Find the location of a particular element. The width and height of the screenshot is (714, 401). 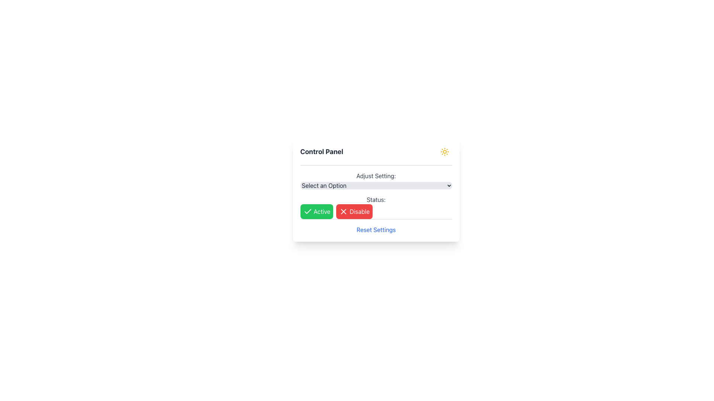

the status toggle button located to the right of the 'Active' button in the 'Status' group of the Control Panel is located at coordinates (354, 212).